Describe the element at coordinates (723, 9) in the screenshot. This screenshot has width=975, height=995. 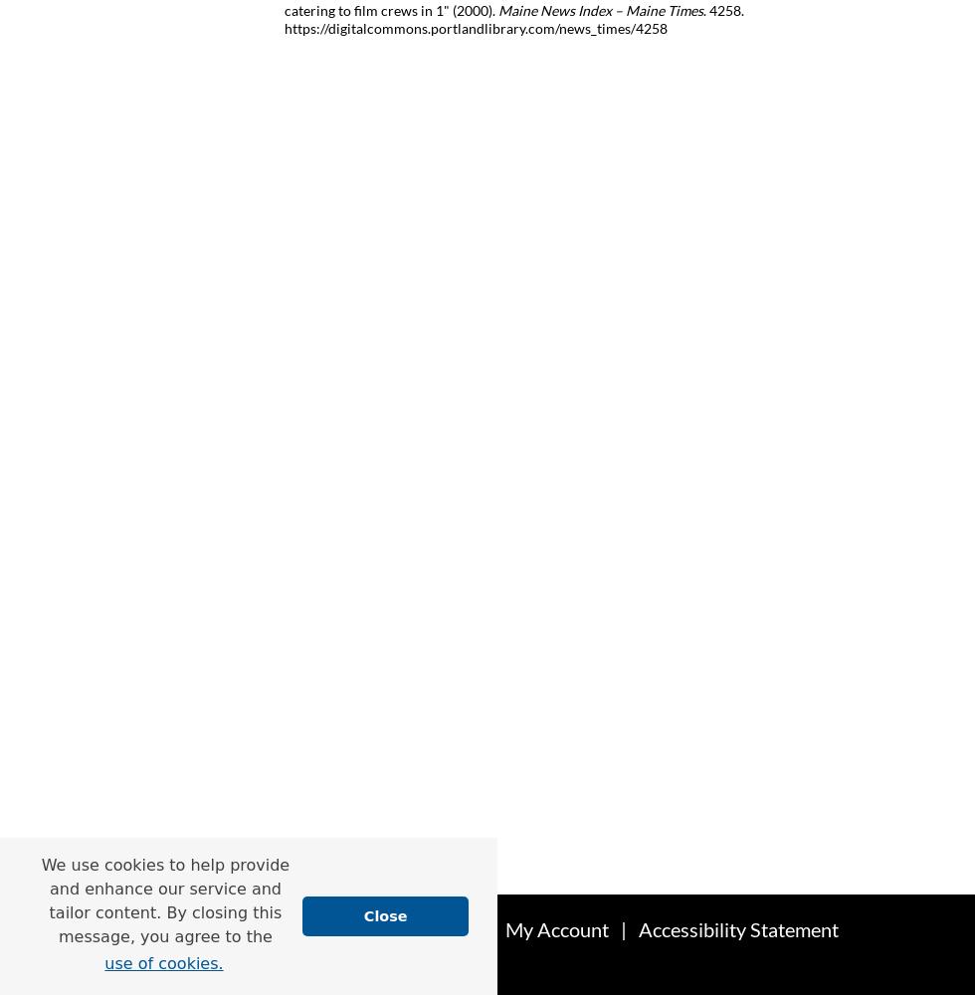
I see `'.  4258.'` at that location.